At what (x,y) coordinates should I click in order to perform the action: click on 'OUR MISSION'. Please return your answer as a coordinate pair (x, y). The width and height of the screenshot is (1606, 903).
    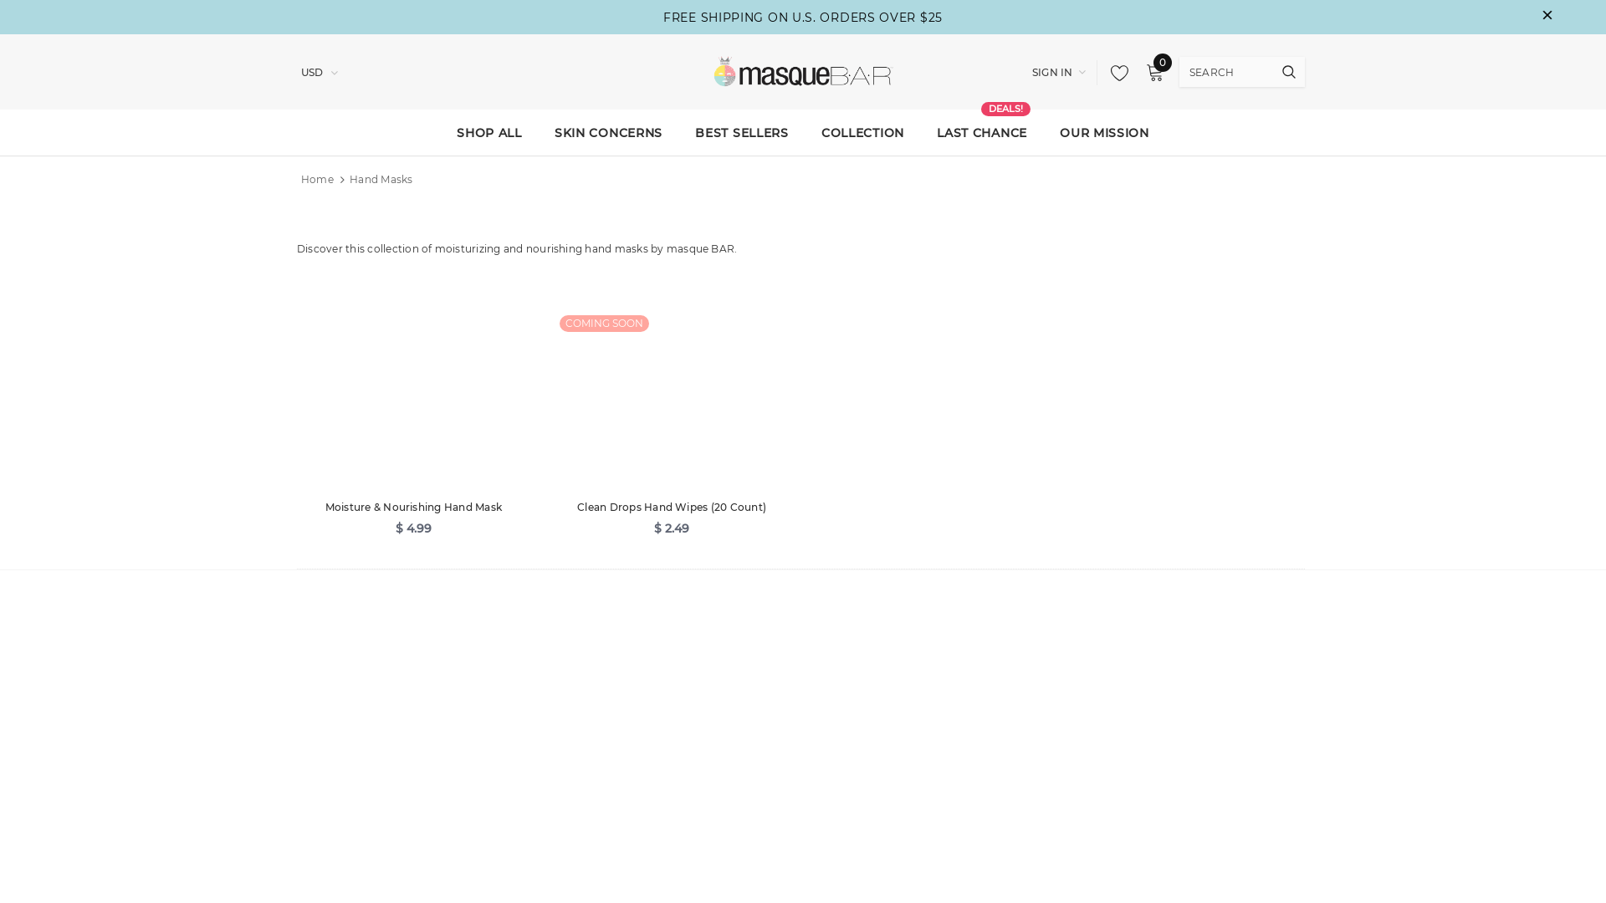
    Looking at the image, I should click on (1104, 131).